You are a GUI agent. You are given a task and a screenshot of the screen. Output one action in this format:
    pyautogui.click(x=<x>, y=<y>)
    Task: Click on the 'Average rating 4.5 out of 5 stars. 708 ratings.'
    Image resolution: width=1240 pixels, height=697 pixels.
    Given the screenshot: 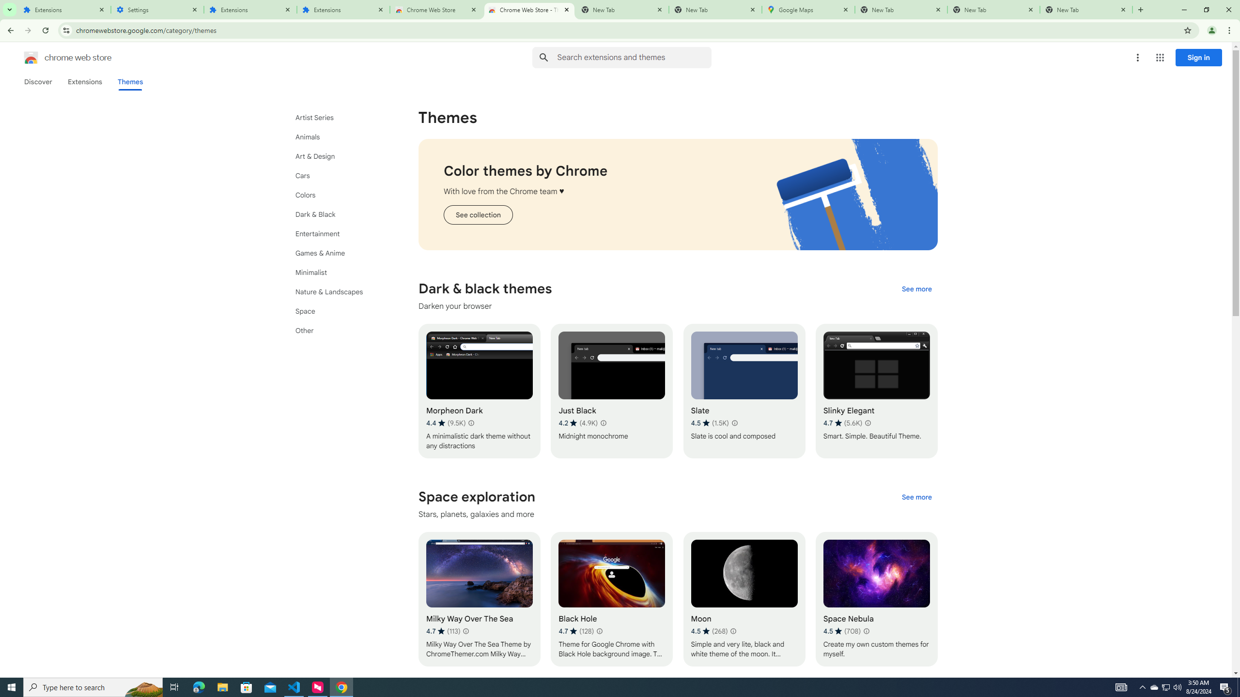 What is the action you would take?
    pyautogui.click(x=841, y=630)
    